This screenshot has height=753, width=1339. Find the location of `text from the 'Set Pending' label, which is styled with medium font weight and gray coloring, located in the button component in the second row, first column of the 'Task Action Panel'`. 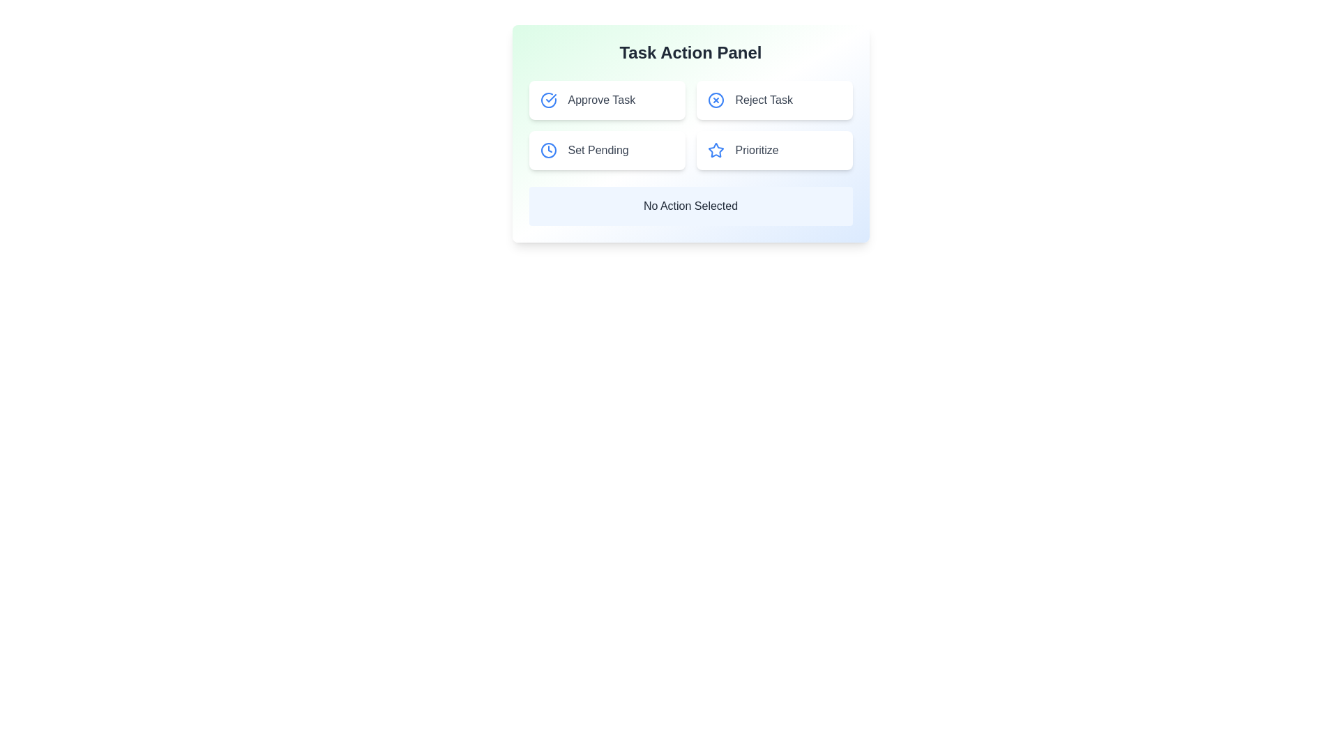

text from the 'Set Pending' label, which is styled with medium font weight and gray coloring, located in the button component in the second row, first column of the 'Task Action Panel' is located at coordinates (598, 151).